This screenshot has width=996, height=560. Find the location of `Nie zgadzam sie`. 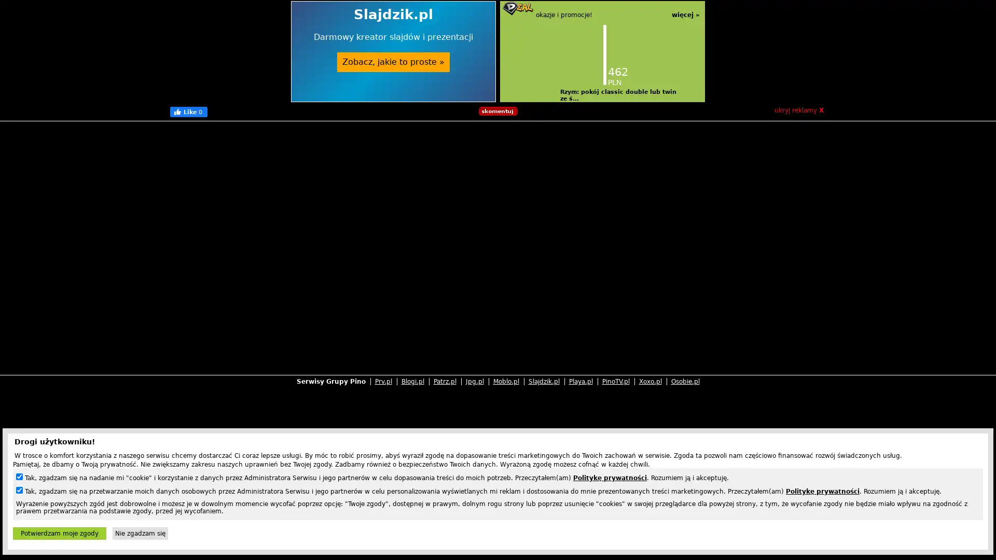

Nie zgadzam sie is located at coordinates (140, 534).